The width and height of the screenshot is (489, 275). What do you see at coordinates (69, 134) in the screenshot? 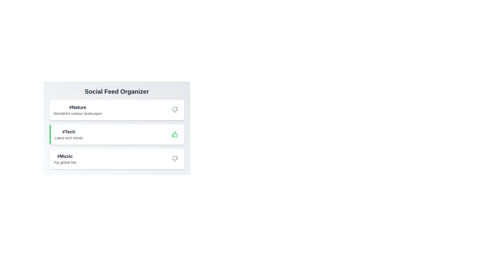
I see `the text of the category description for Tech` at bounding box center [69, 134].